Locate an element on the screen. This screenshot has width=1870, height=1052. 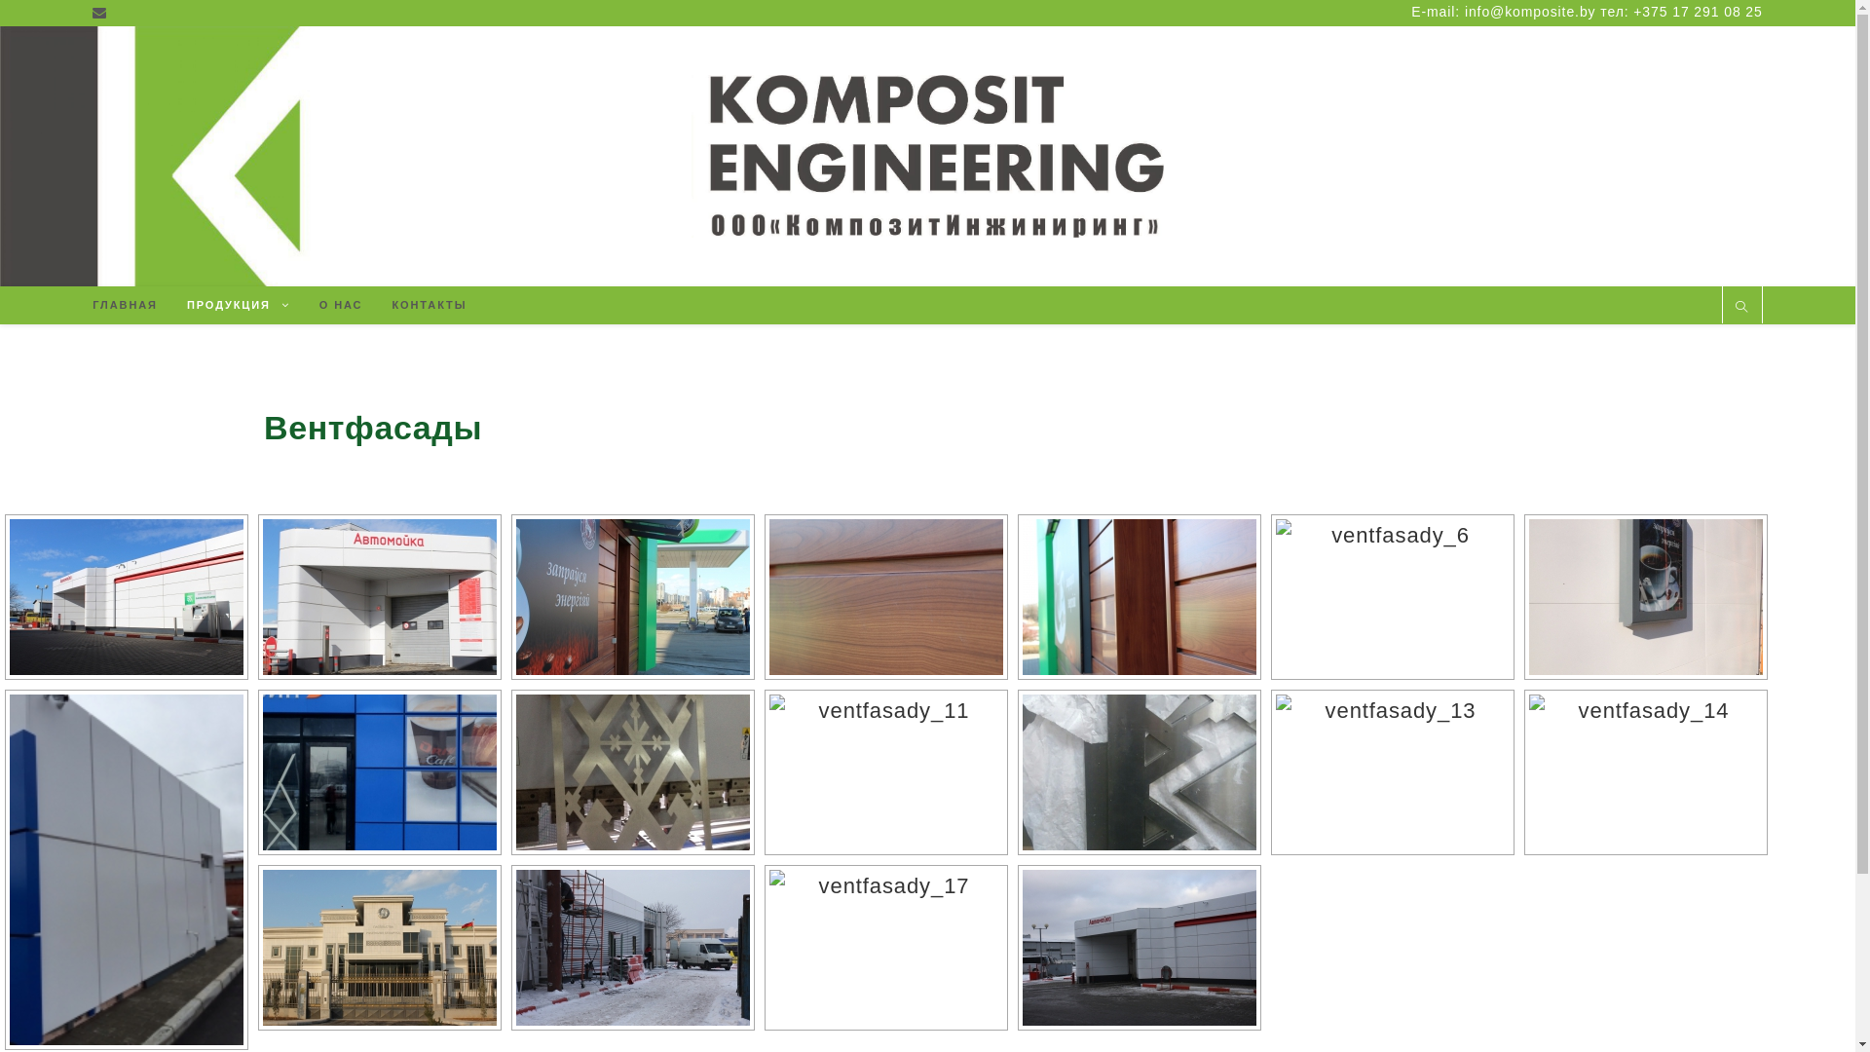
'ventfasady_11' is located at coordinates (885, 771).